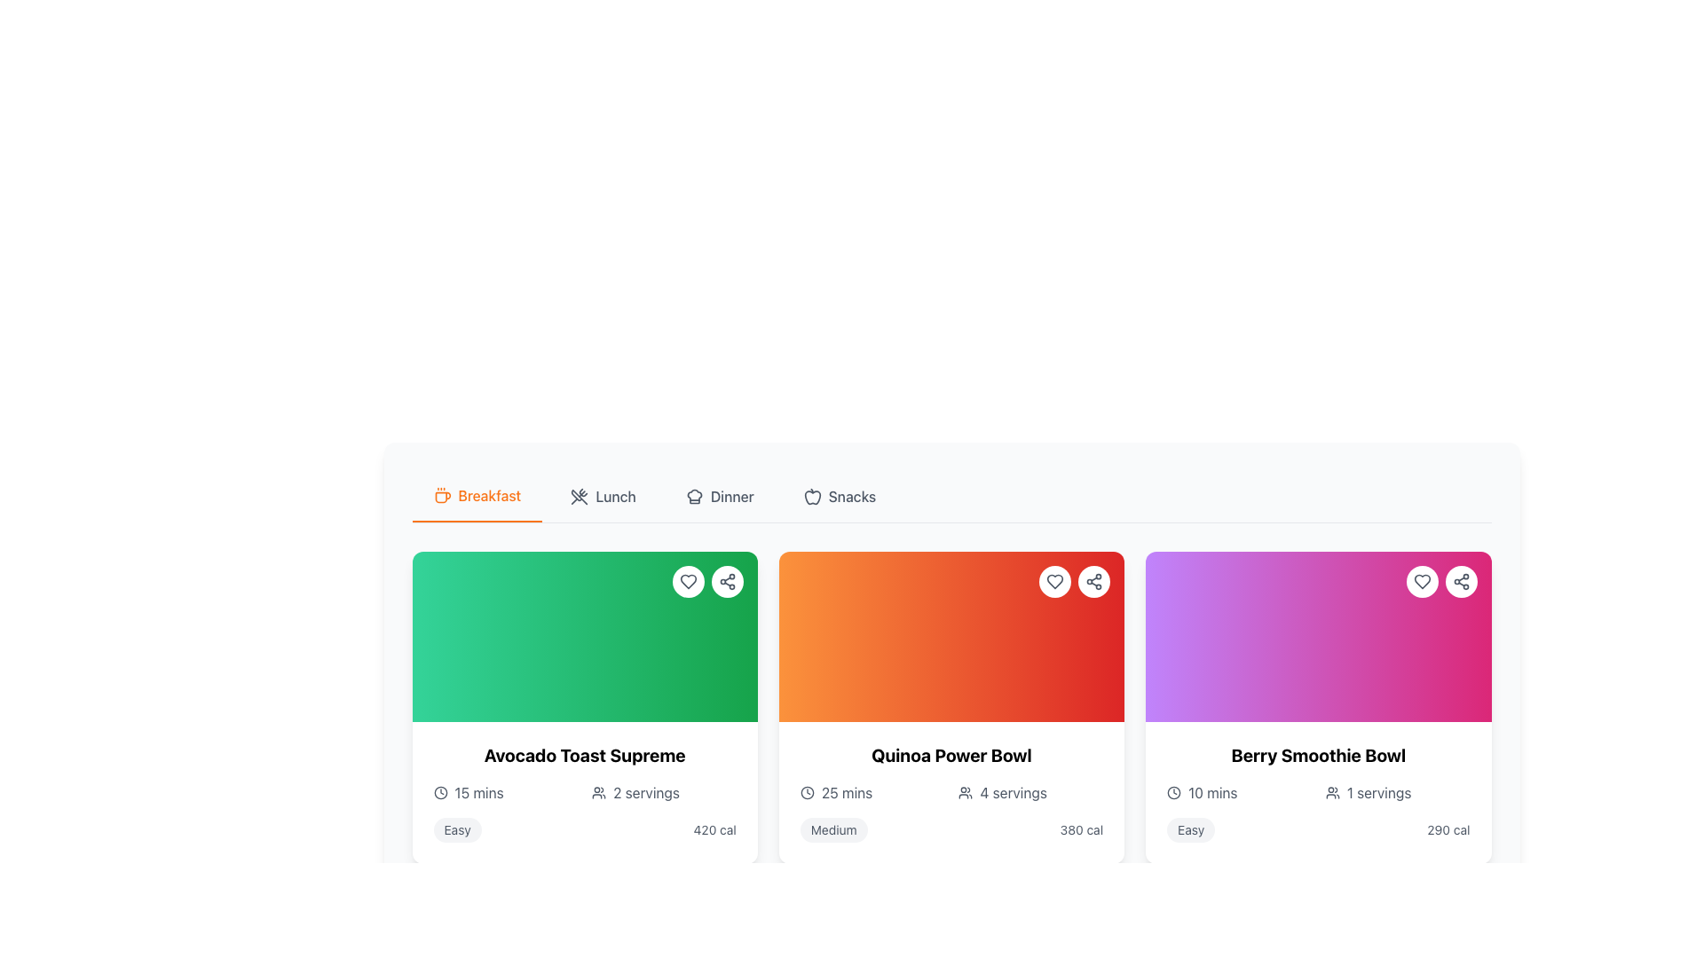 This screenshot has height=958, width=1704. I want to click on the rectangular gradient background of the 'Quinoa Power Bowl' card located in the second column of the layout, so click(951, 635).